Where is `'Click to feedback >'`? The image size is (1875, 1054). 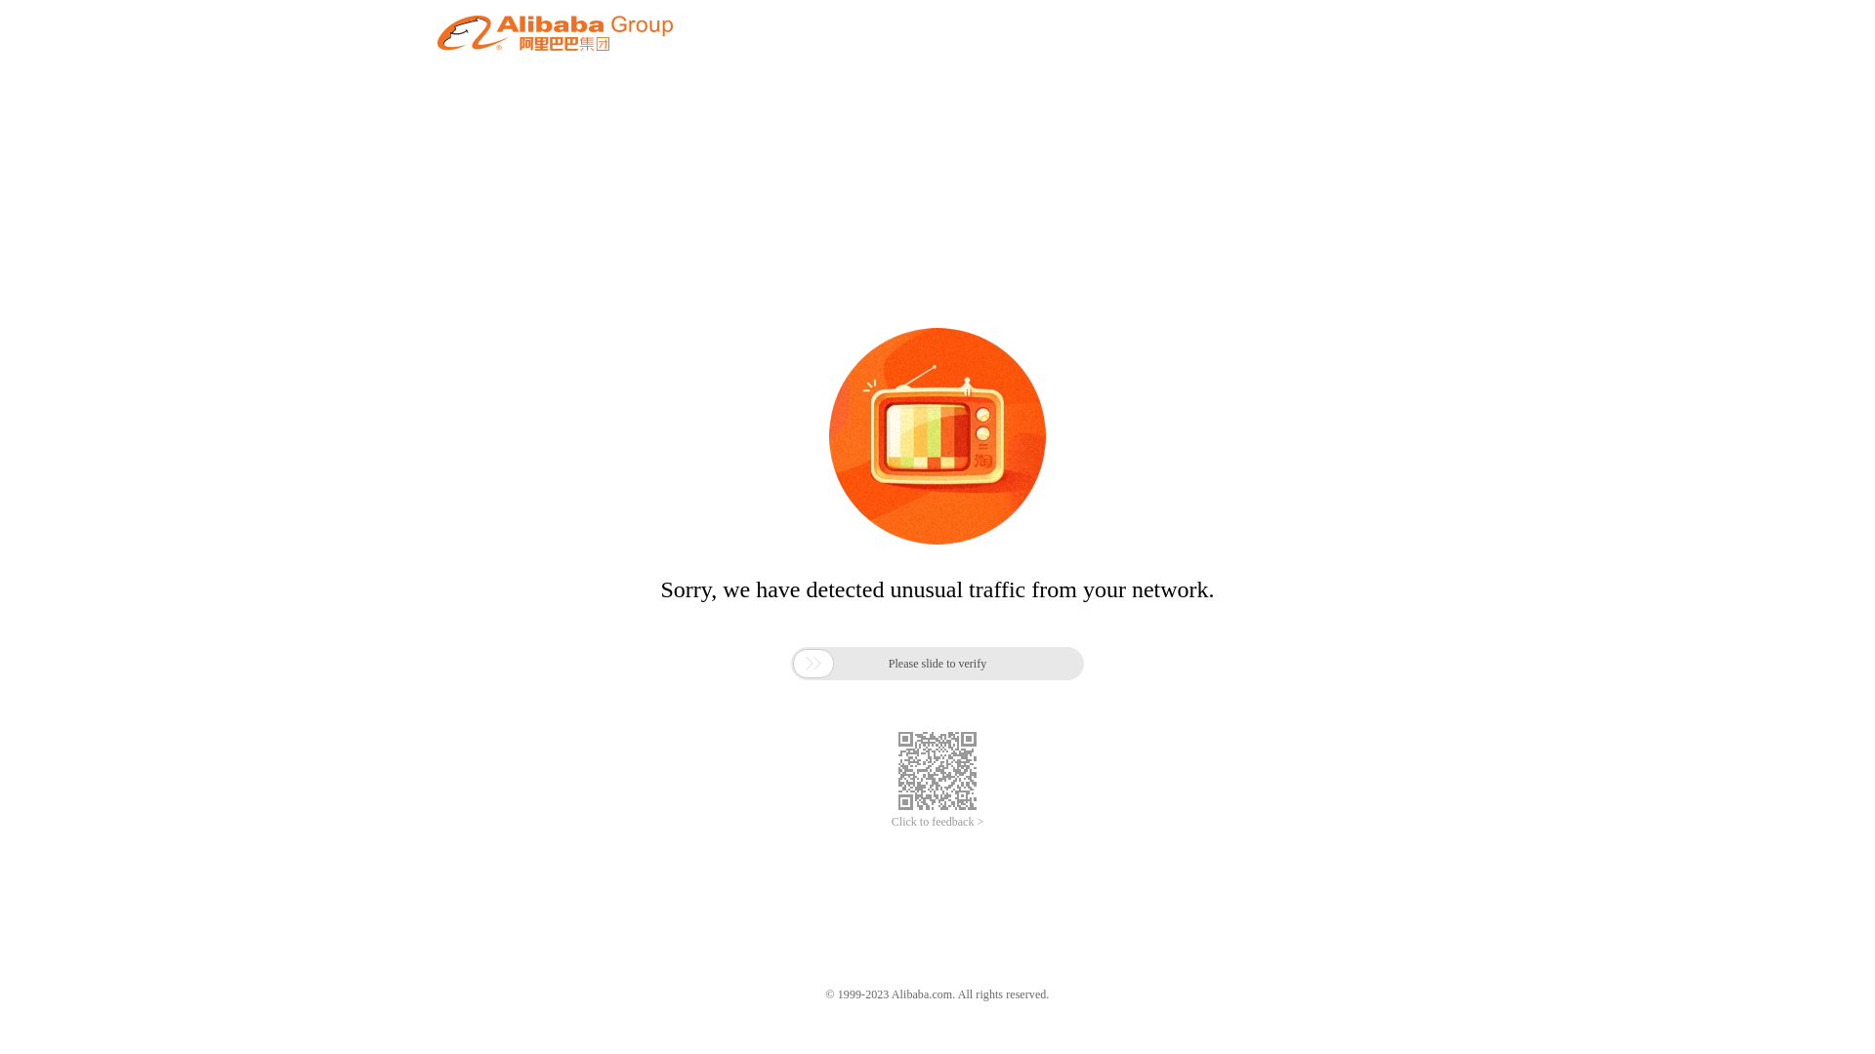 'Click to feedback >' is located at coordinates (937, 822).